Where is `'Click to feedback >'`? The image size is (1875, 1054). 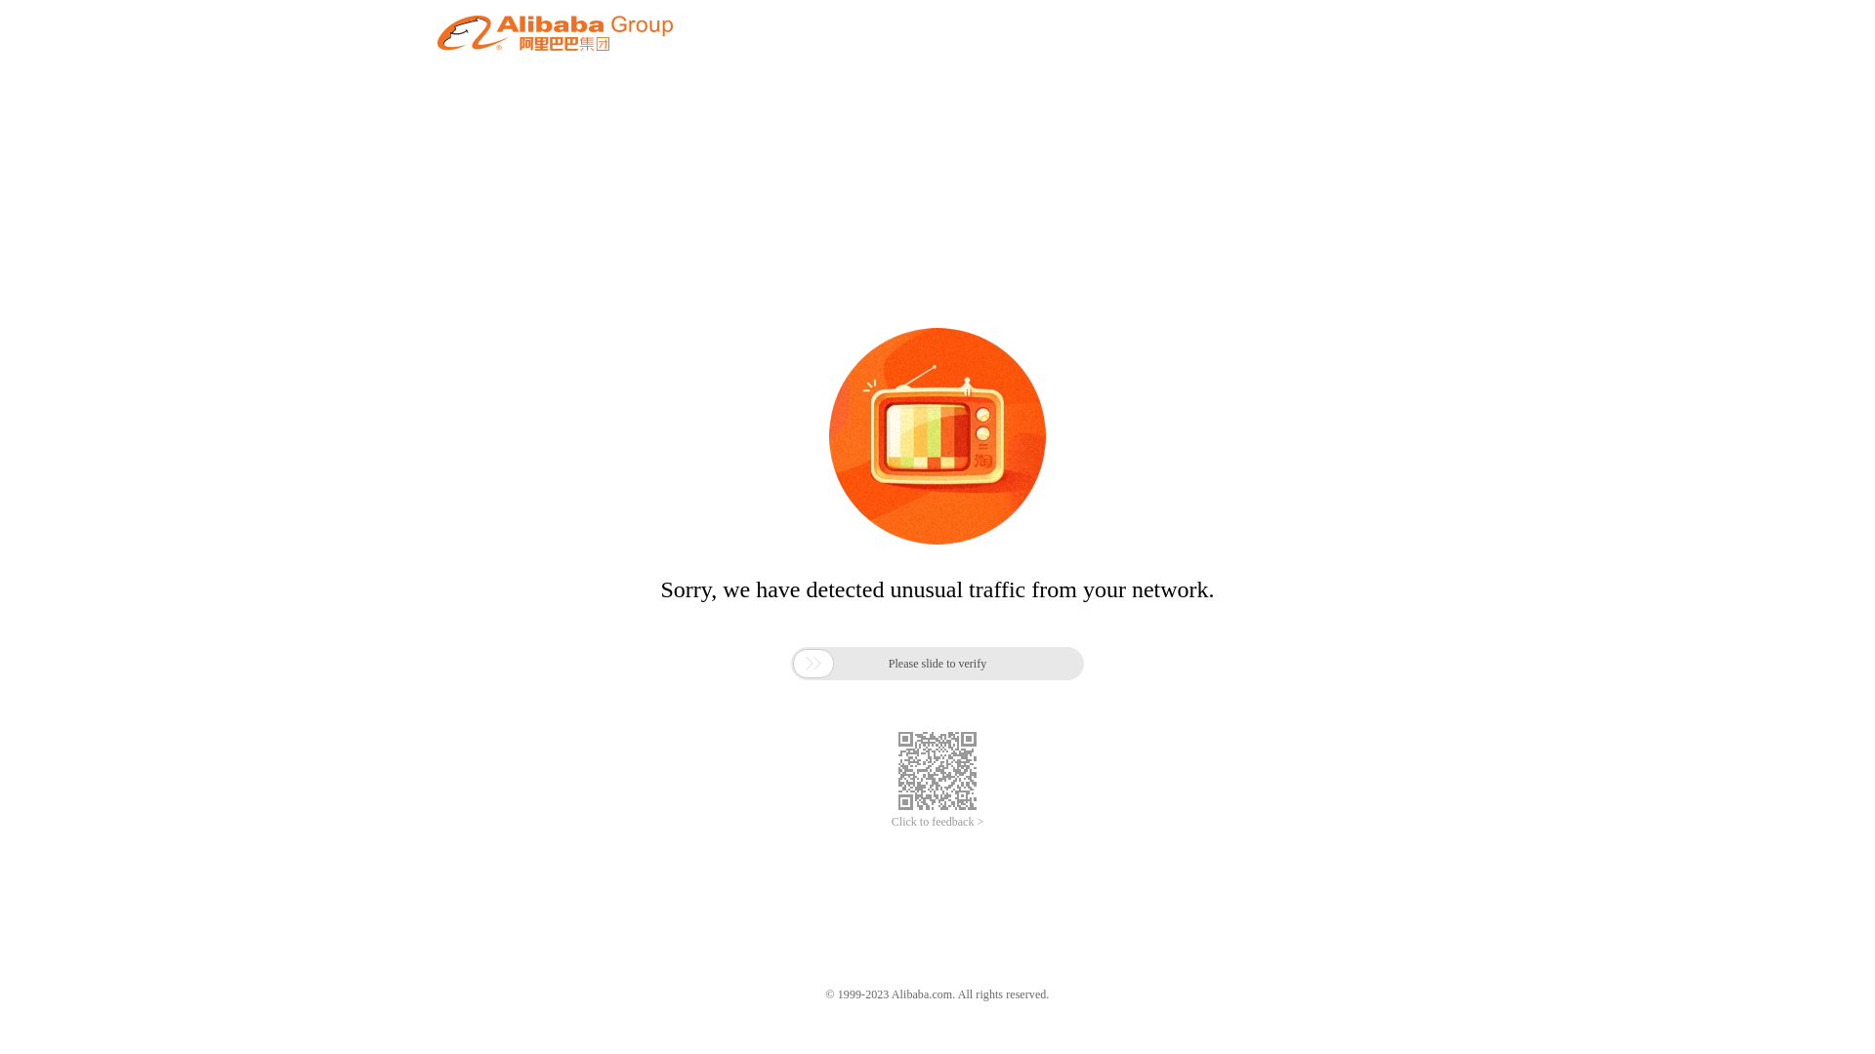 'Click to feedback >' is located at coordinates (937, 822).